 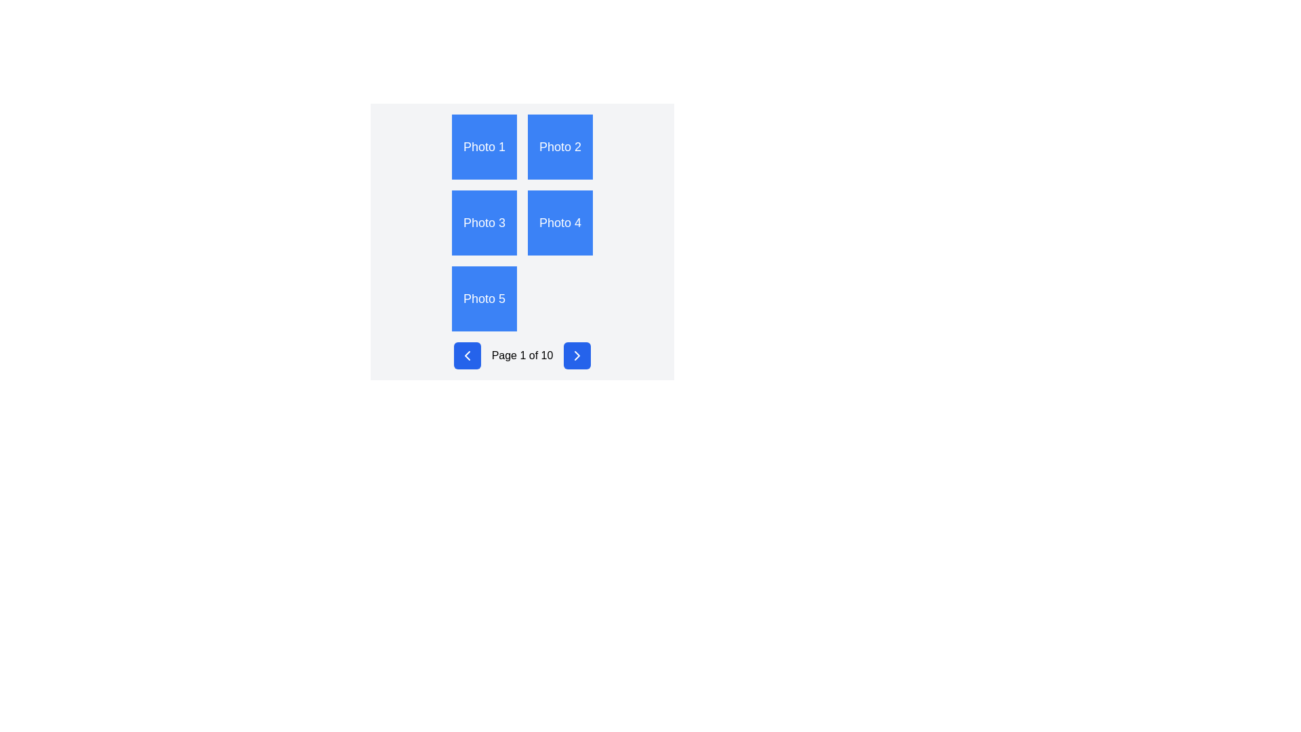 What do you see at coordinates (577, 354) in the screenshot?
I see `the right-chevron button styled in white within a blue circular button` at bounding box center [577, 354].